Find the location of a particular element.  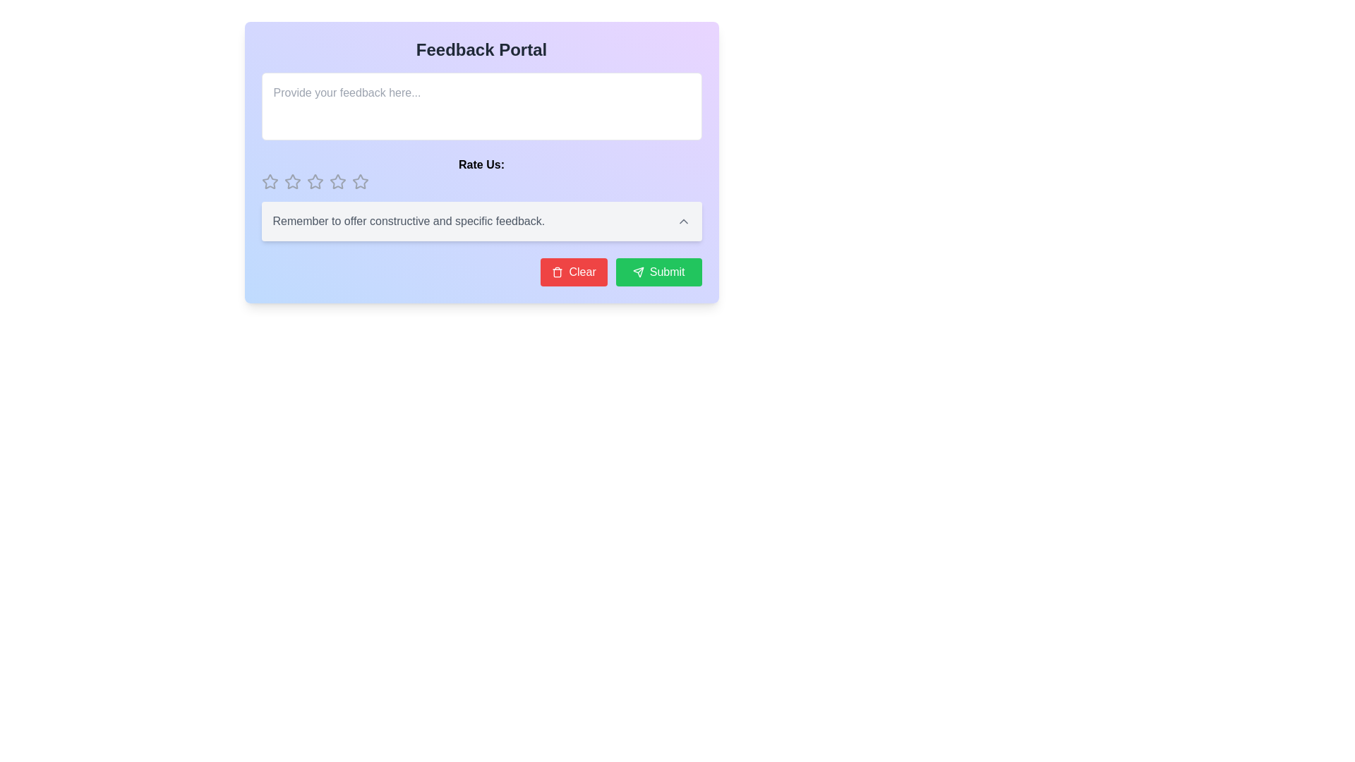

the fifth star rating icon located below the 'Rate Us:' text field is located at coordinates (337, 181).